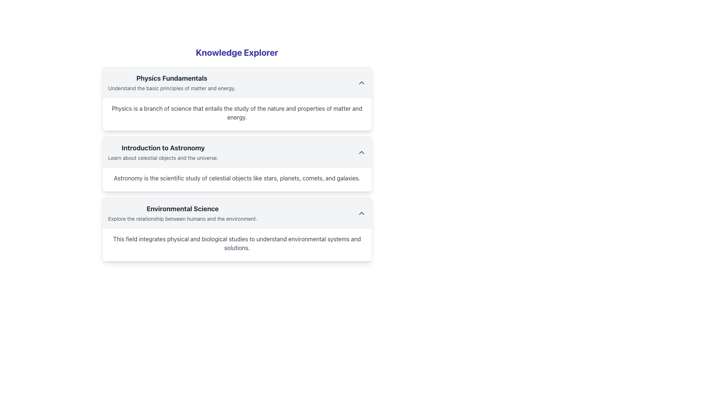 The width and height of the screenshot is (705, 396). I want to click on text element that describes 'Physics is a branch of science that entails the study of the nature and properties of matter and energy.' located in the 'Physics Fundamentals' section, so click(237, 113).